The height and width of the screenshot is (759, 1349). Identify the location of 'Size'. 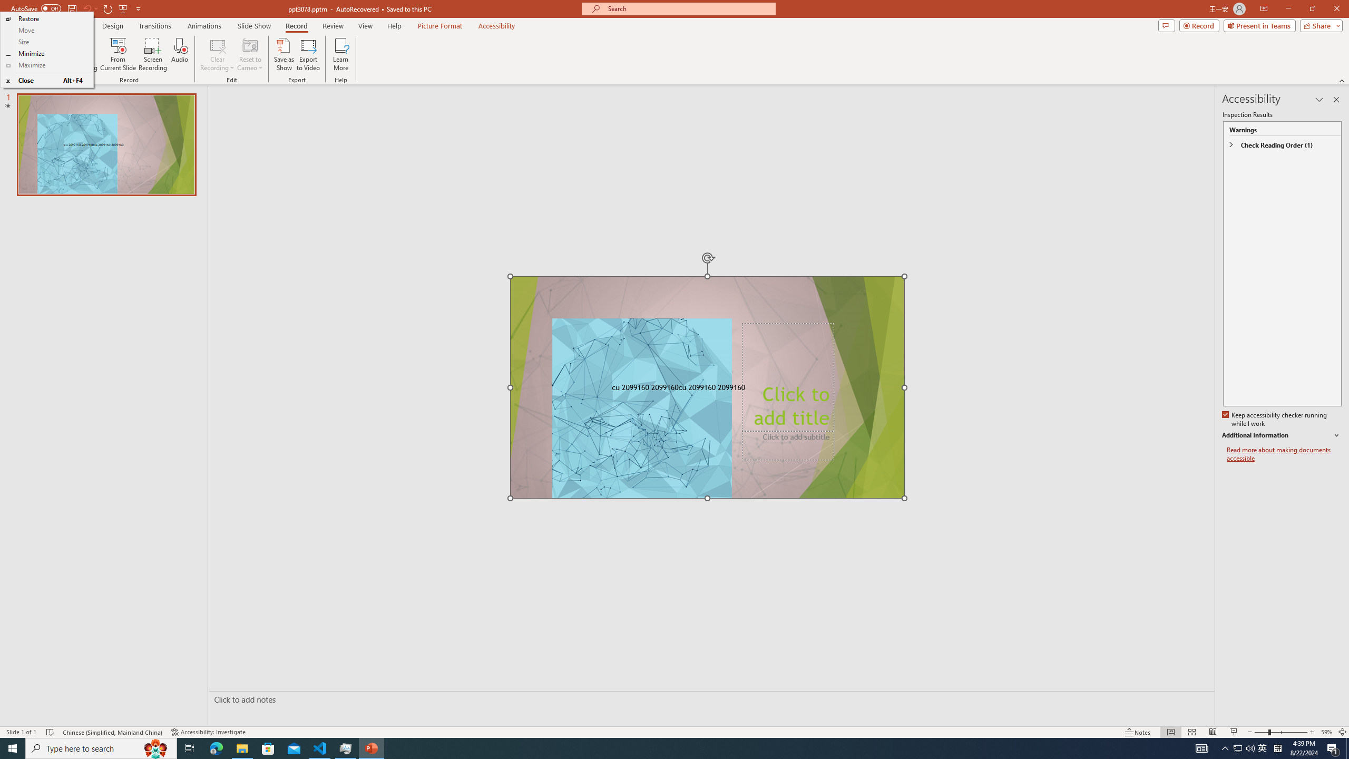
(46, 41).